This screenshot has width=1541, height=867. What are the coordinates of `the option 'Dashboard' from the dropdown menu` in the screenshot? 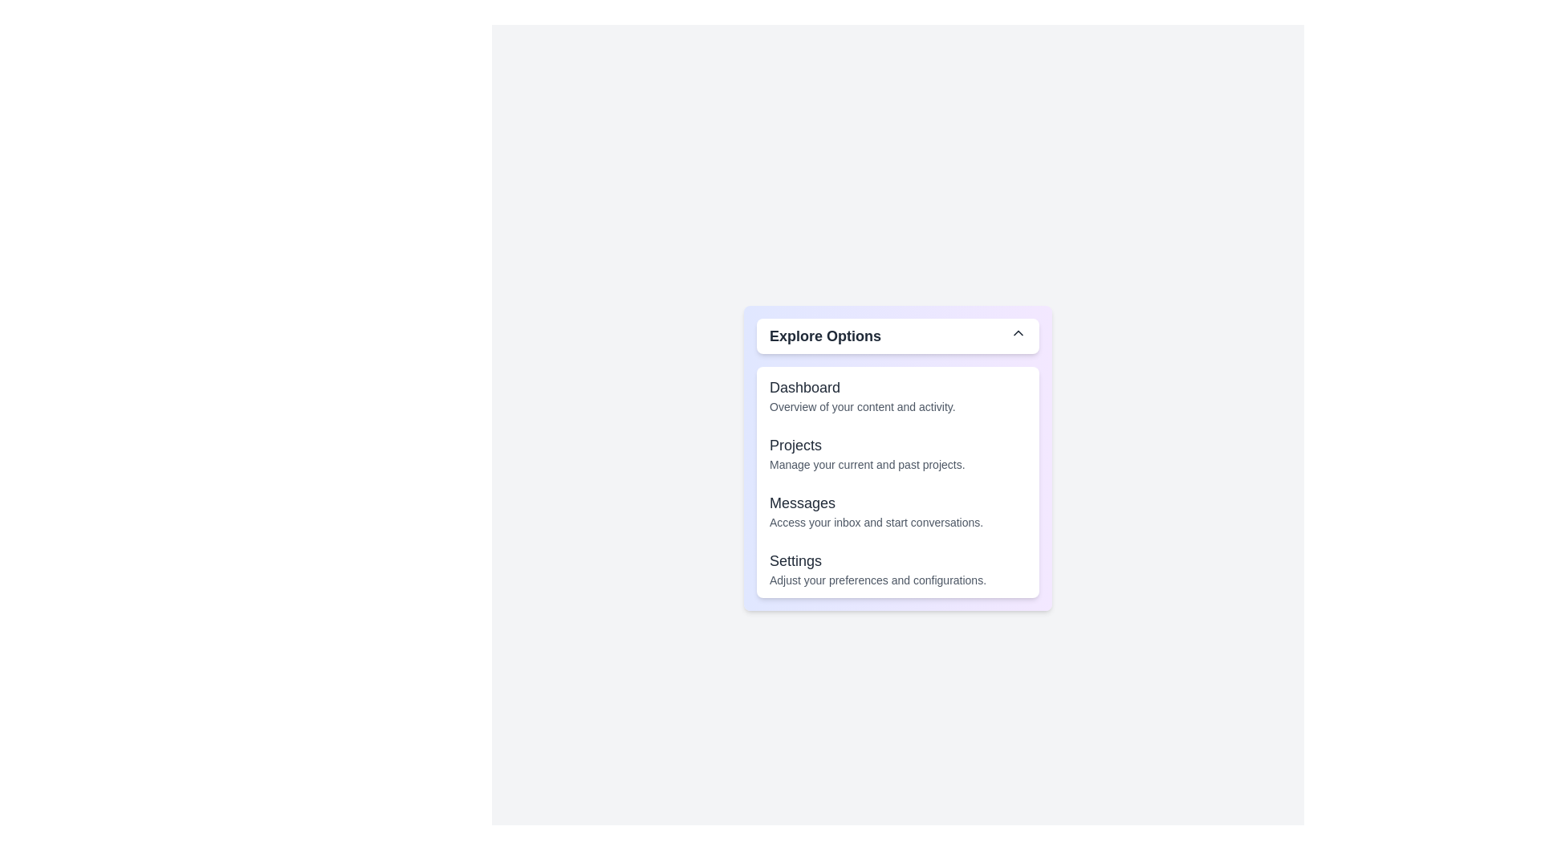 It's located at (897, 396).